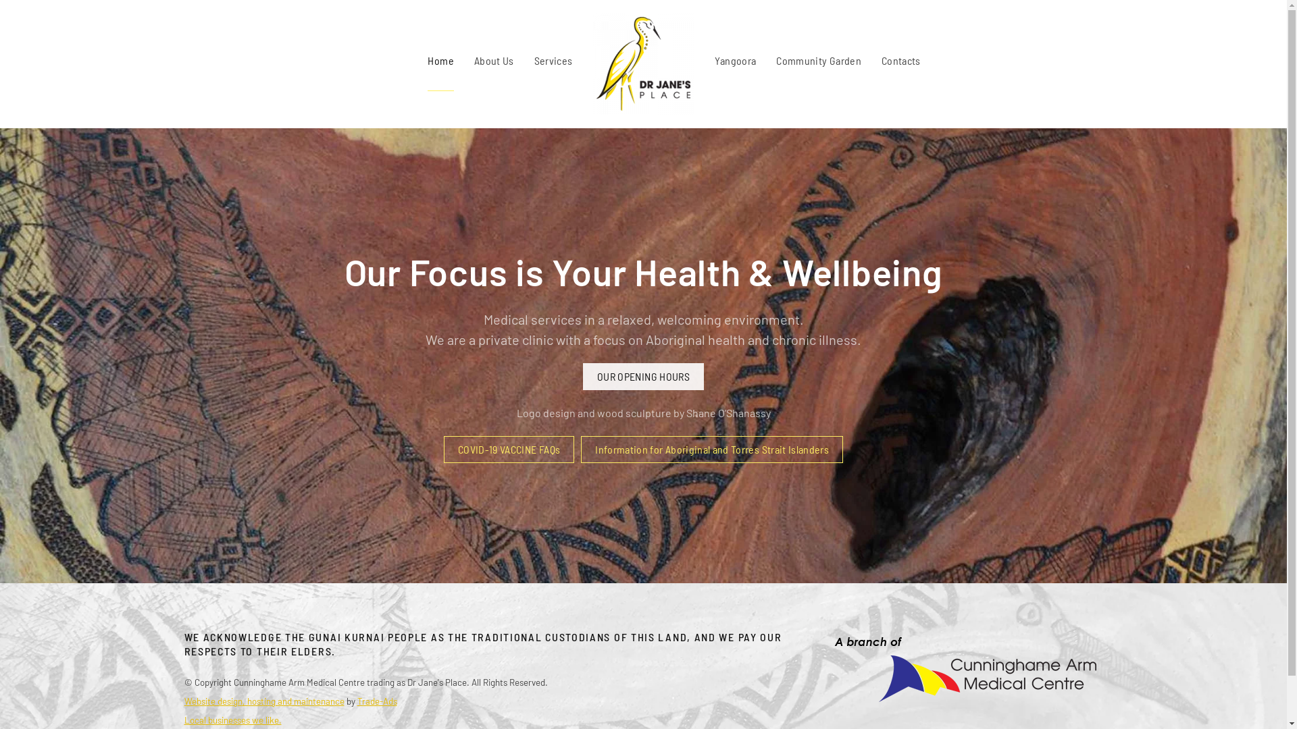 The width and height of the screenshot is (1297, 729). I want to click on 'Services', so click(534, 59).